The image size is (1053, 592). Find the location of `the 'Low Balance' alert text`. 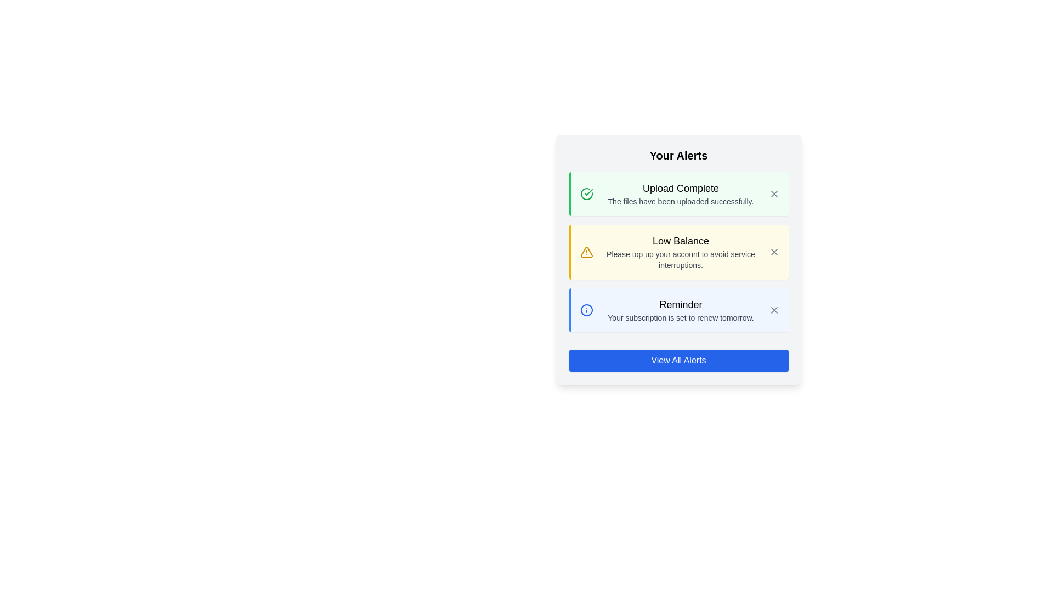

the 'Low Balance' alert text is located at coordinates (680, 240).